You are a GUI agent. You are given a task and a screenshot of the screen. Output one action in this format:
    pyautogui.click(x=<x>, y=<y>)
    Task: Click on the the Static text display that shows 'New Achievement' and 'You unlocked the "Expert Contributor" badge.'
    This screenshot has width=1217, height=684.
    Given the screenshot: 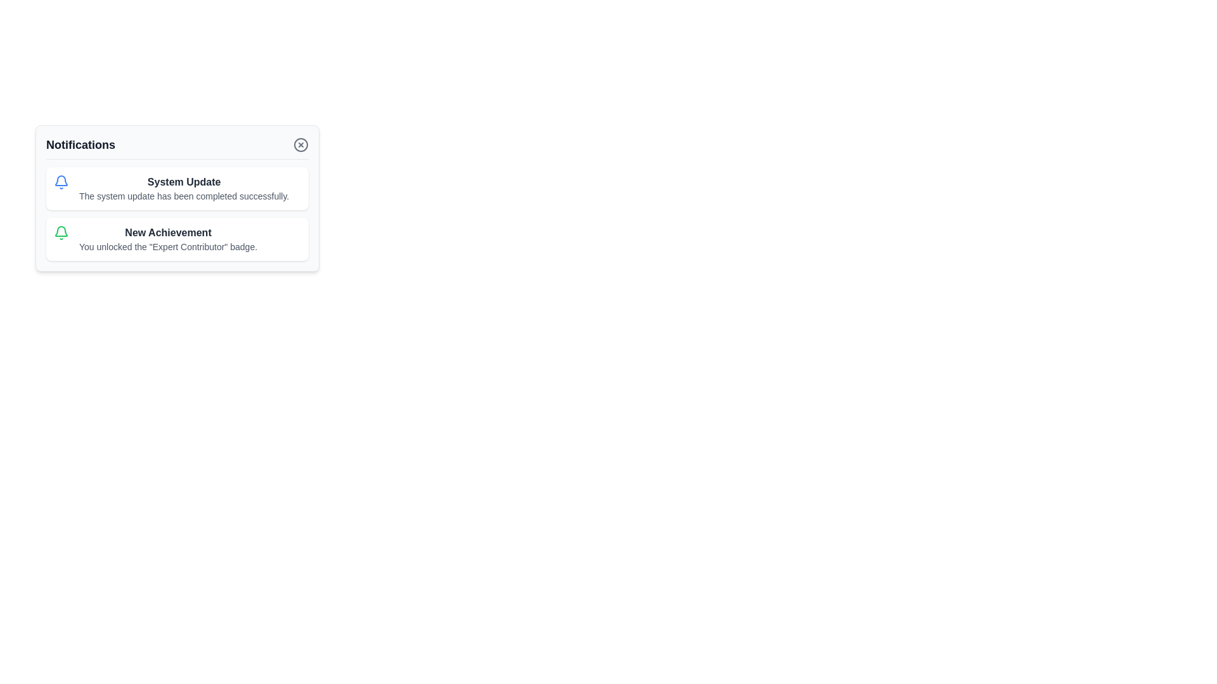 What is the action you would take?
    pyautogui.click(x=167, y=239)
    